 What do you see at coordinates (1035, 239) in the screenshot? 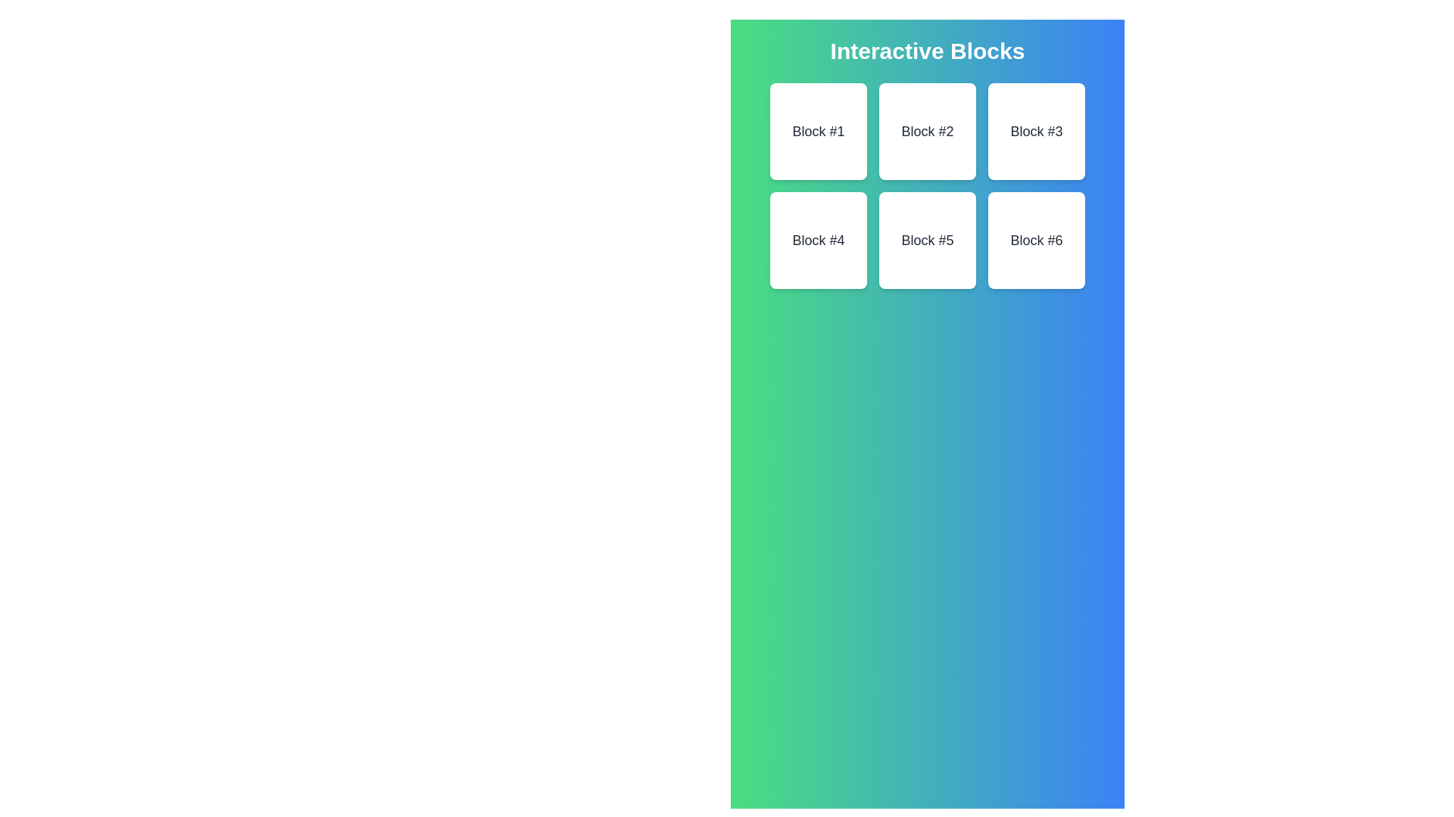
I see `the informational text label indicating 'Block #6' located in the bottom-right corner of the grid layout` at bounding box center [1035, 239].